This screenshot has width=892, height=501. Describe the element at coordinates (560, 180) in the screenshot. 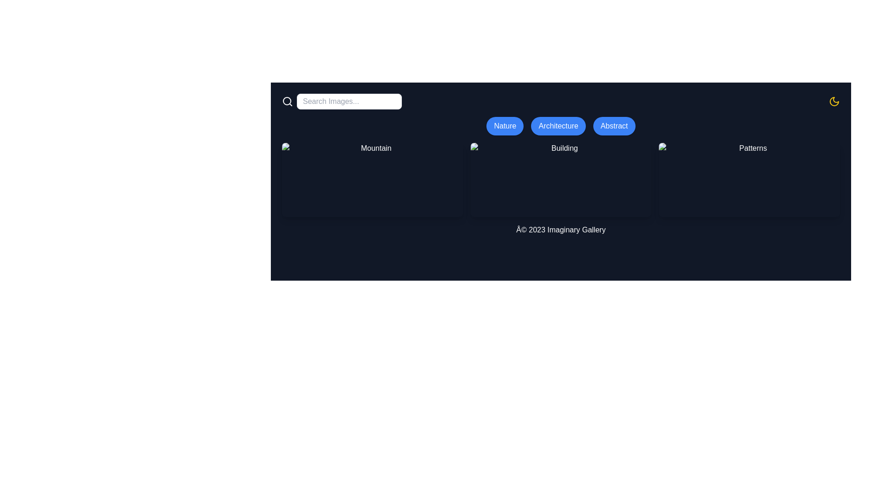

I see `the second item in the grid layout representing the 'Building' category` at that location.